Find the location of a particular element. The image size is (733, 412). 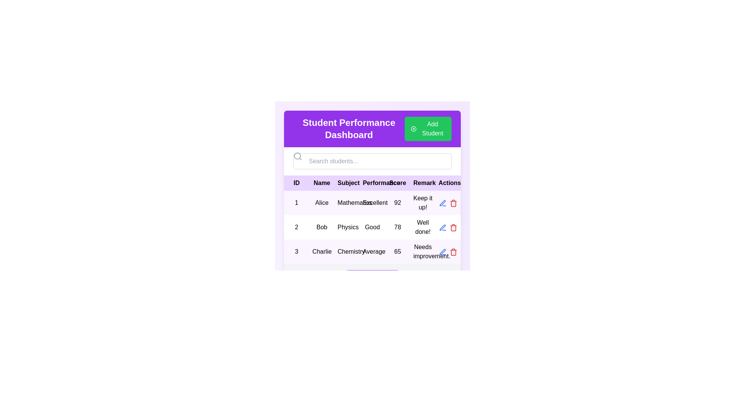

the red trash bin icon in the interactive group is located at coordinates (448, 203).